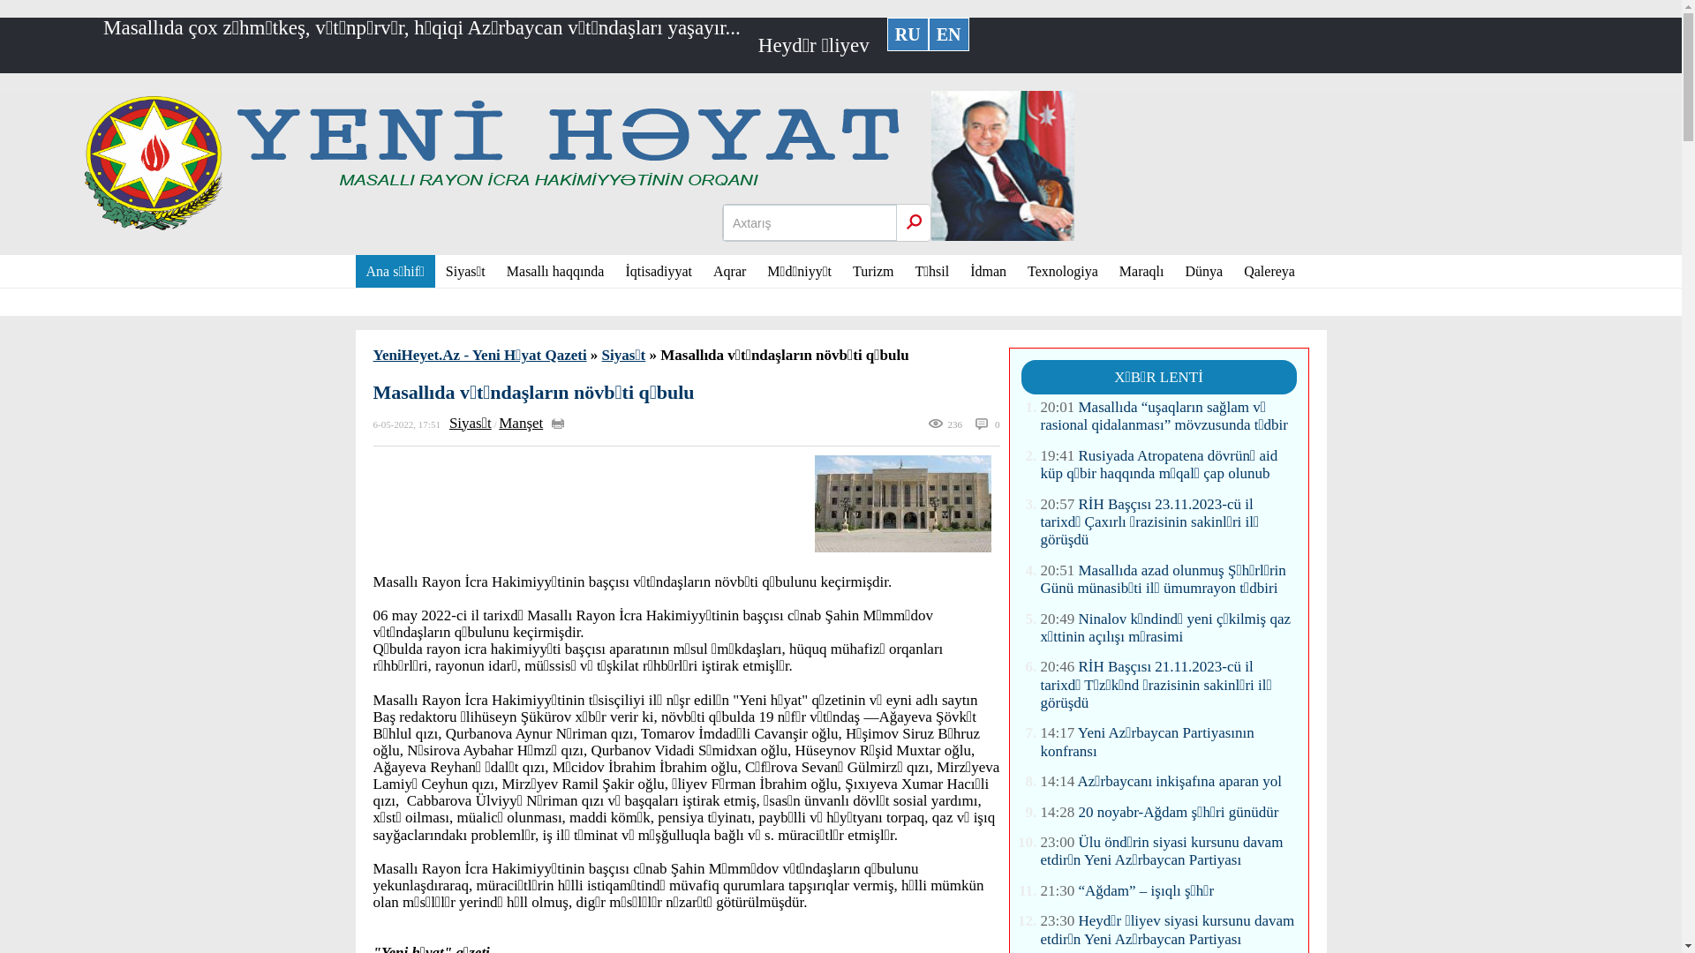 This screenshot has width=1695, height=953. What do you see at coordinates (873, 271) in the screenshot?
I see `'Turizm'` at bounding box center [873, 271].